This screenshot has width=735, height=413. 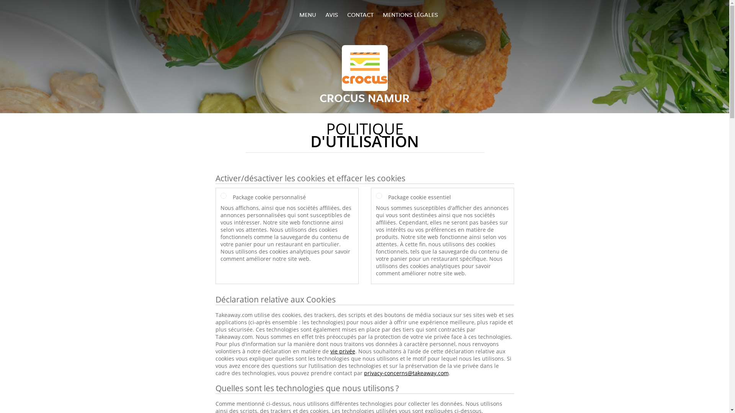 What do you see at coordinates (359, 15) in the screenshot?
I see `'CONTACT'` at bounding box center [359, 15].